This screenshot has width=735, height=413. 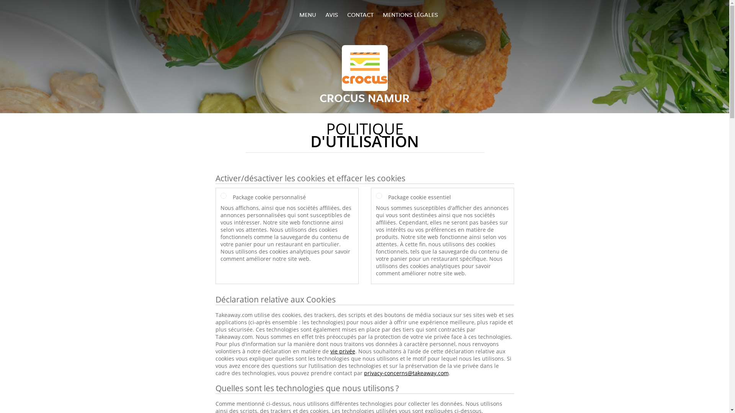 What do you see at coordinates (359, 15) in the screenshot?
I see `'CONTACT'` at bounding box center [359, 15].